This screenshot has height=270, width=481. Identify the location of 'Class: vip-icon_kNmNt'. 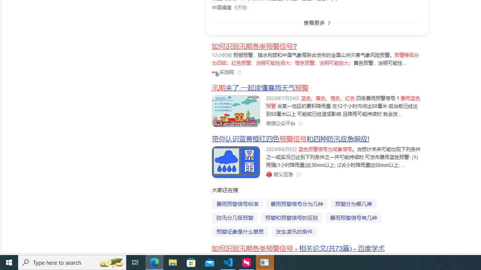
(216, 74).